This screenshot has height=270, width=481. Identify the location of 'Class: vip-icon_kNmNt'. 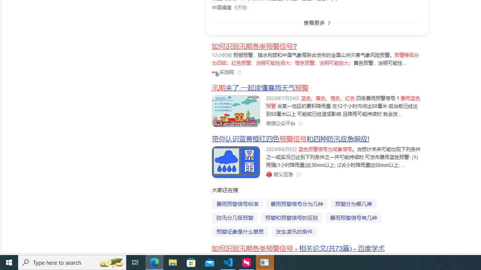
(216, 74).